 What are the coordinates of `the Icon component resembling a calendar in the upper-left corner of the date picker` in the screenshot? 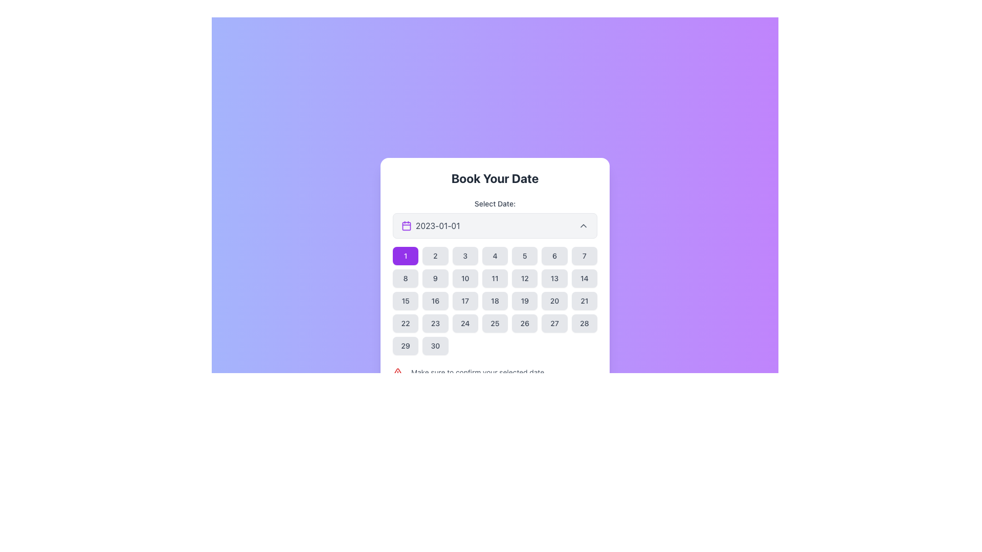 It's located at (406, 225).